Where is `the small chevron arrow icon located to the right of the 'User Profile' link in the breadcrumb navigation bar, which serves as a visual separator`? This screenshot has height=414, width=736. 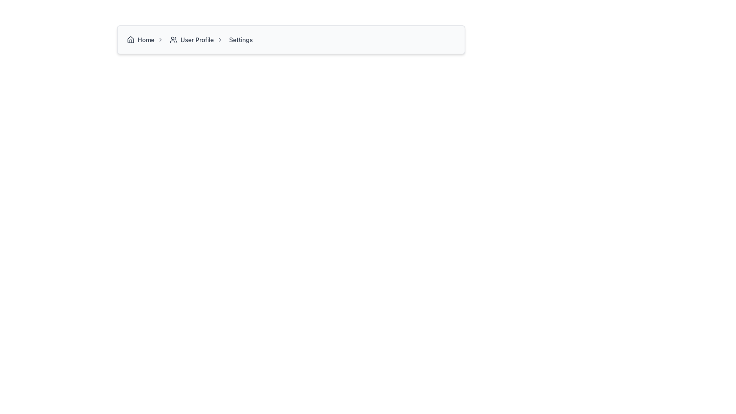 the small chevron arrow icon located to the right of the 'User Profile' link in the breadcrumb navigation bar, which serves as a visual separator is located at coordinates (219, 40).